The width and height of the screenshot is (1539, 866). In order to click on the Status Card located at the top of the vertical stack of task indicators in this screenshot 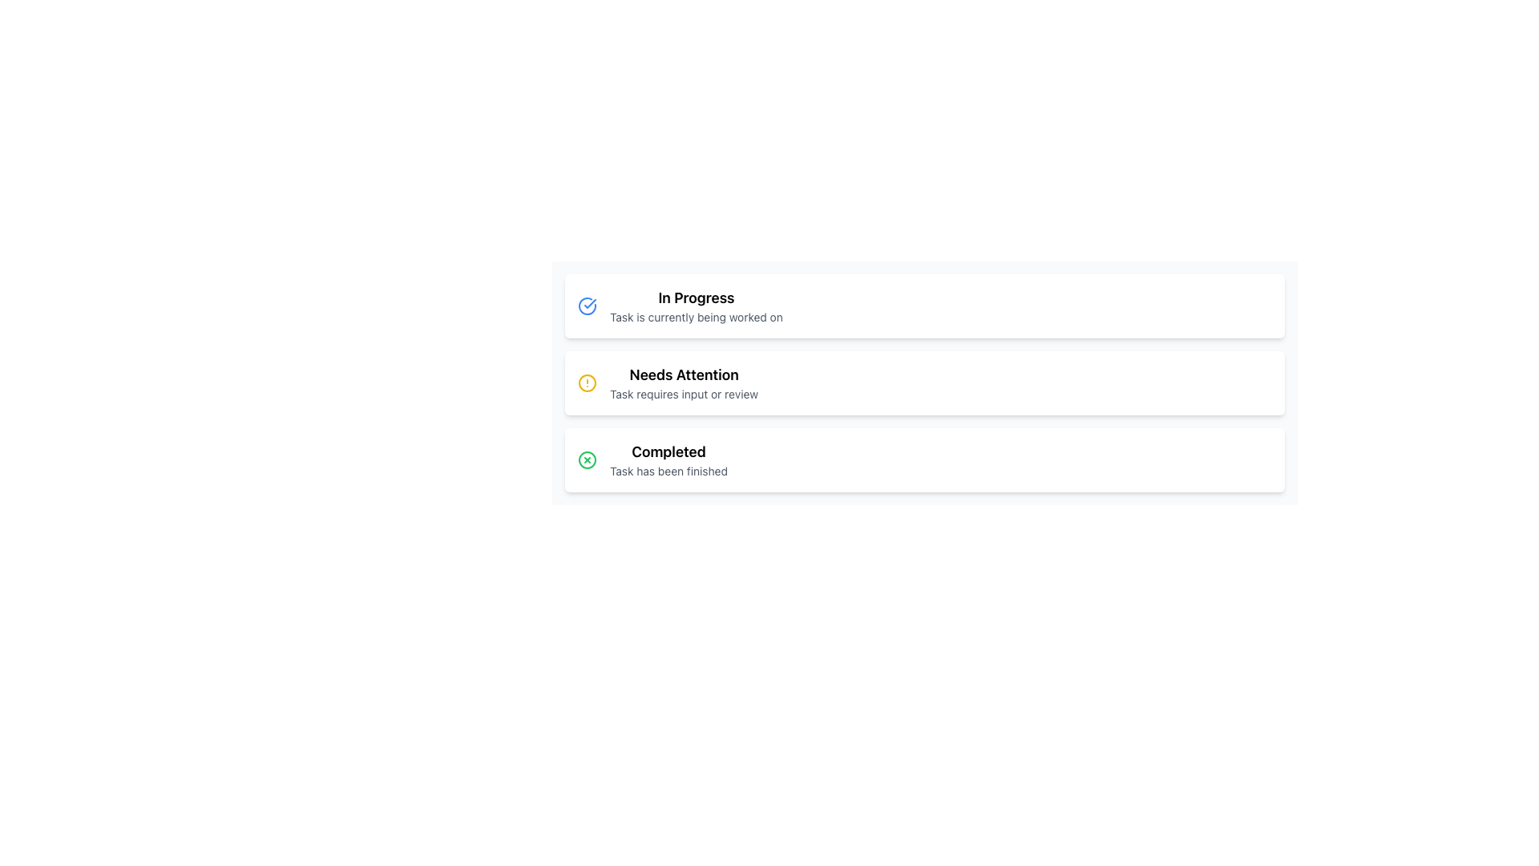, I will do `click(924, 306)`.